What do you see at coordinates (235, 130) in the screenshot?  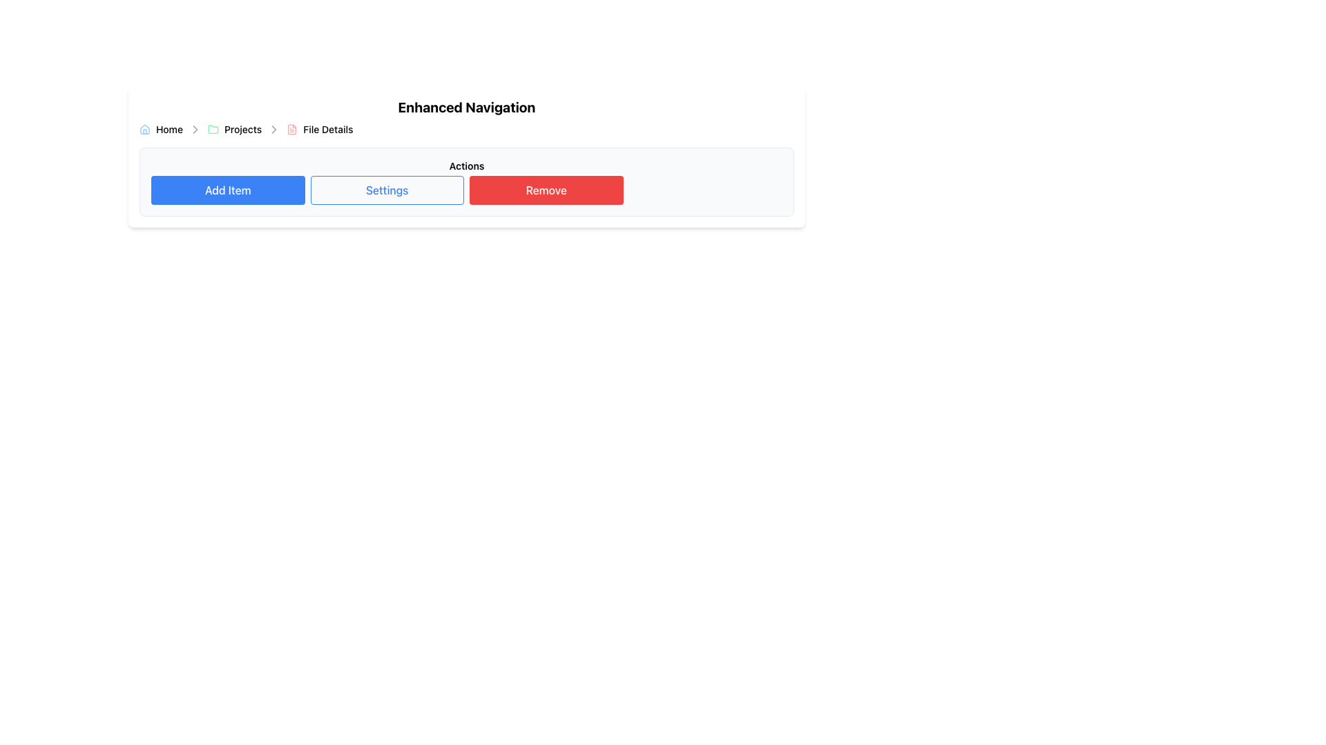 I see `the second label in the breadcrumb navigation` at bounding box center [235, 130].